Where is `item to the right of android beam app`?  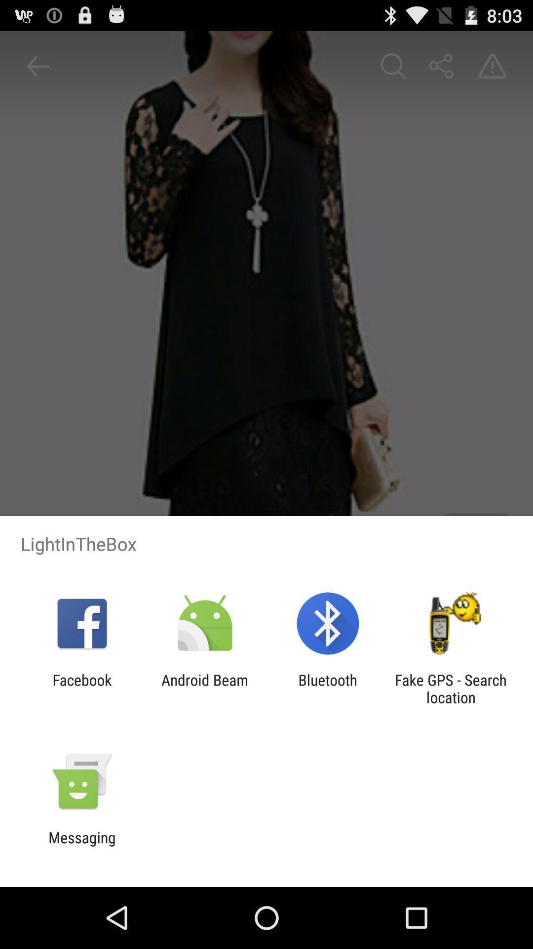
item to the right of android beam app is located at coordinates (328, 688).